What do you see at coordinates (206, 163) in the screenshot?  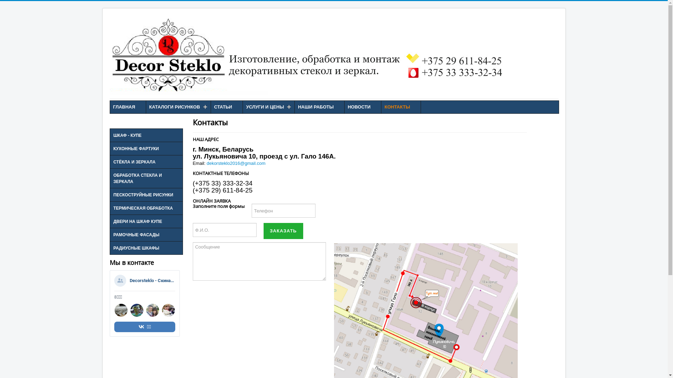 I see `'dekorsteklo2016@gmail.com'` at bounding box center [206, 163].